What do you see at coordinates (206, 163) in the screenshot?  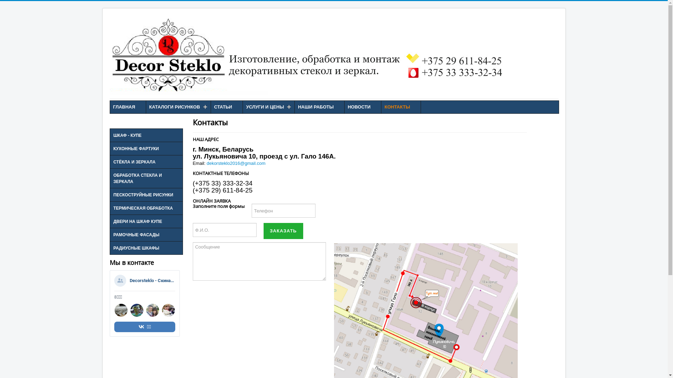 I see `'dekorsteklo2016@gmail.com'` at bounding box center [206, 163].